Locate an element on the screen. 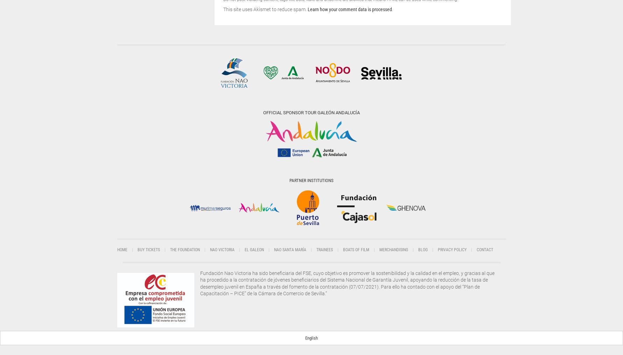 The width and height of the screenshot is (623, 355). 'Contact' is located at coordinates (485, 249).